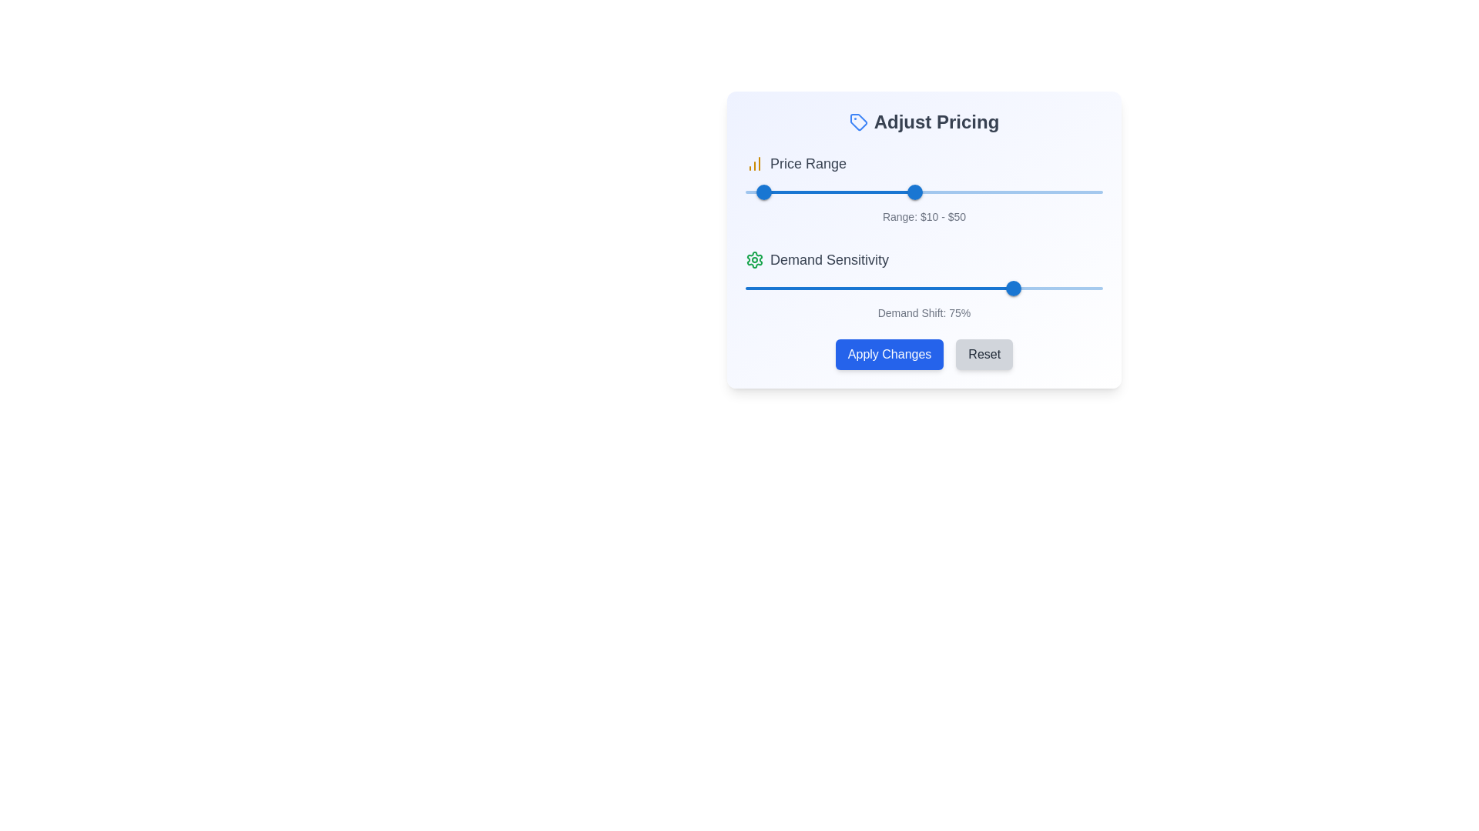 This screenshot has width=1479, height=831. Describe the element at coordinates (1084, 288) in the screenshot. I see `Demand Sensitivity` at that location.